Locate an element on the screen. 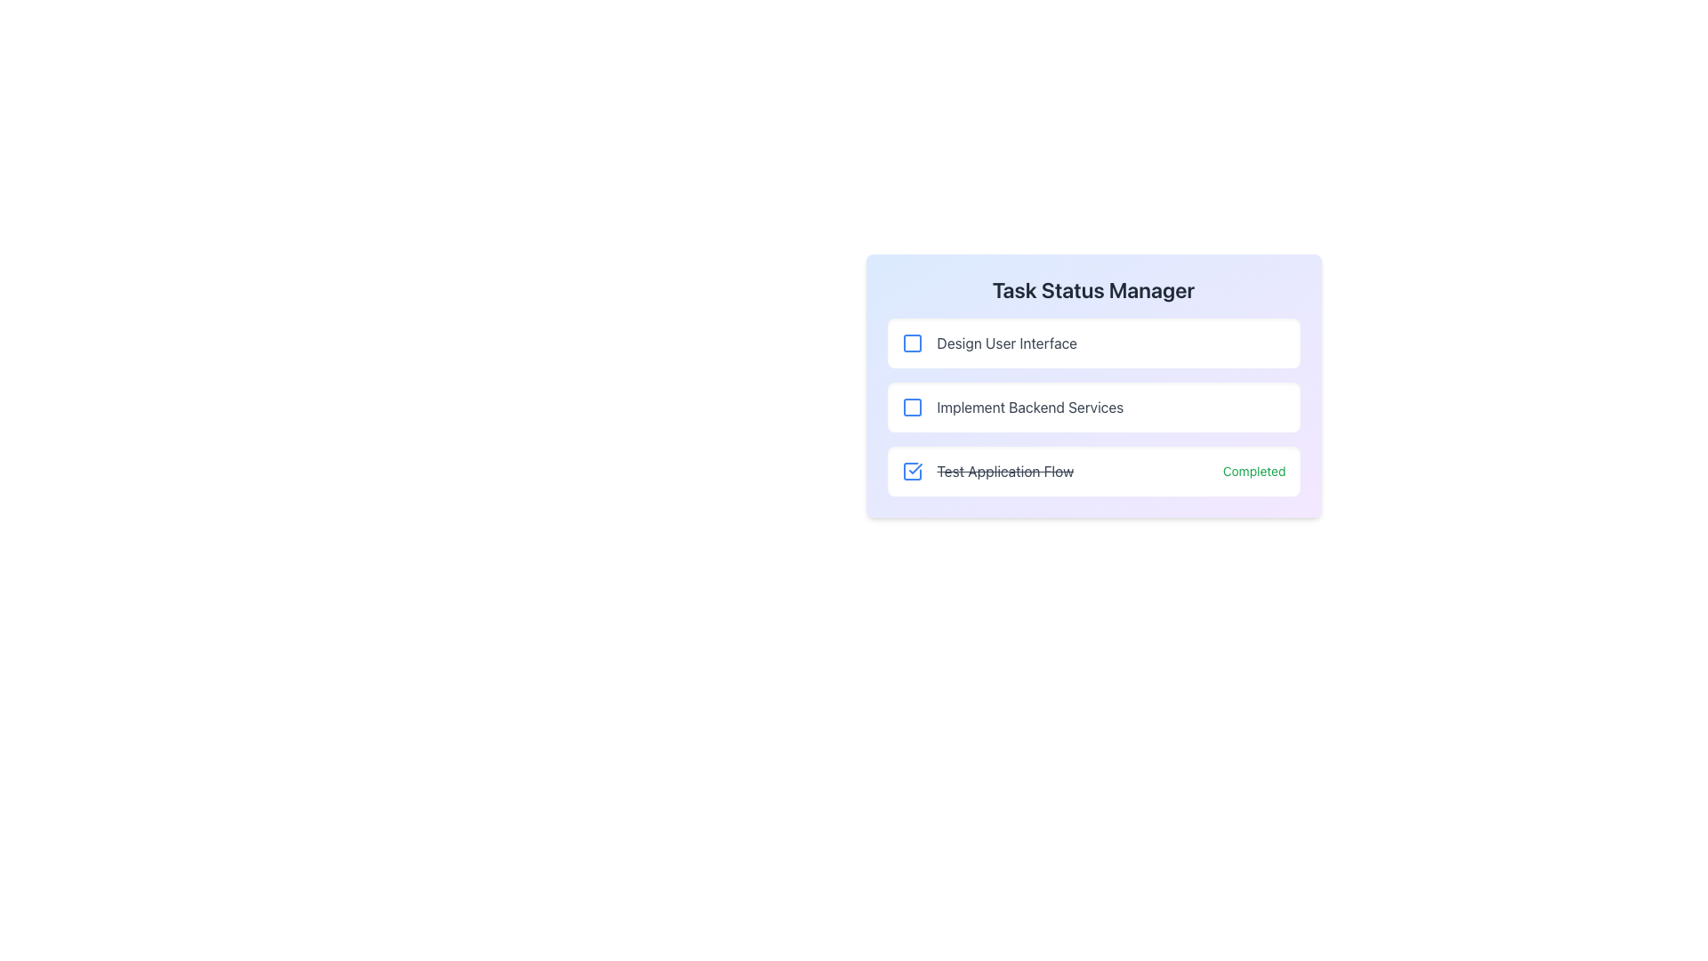  the checkbox for the task 'Design User Interface' is located at coordinates (912, 343).